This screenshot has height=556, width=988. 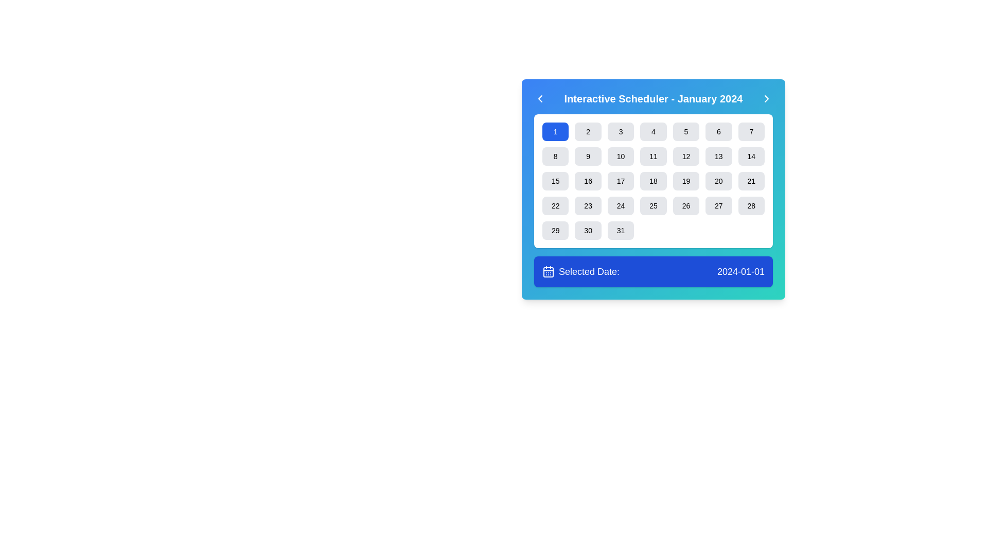 I want to click on the button displaying the number '11' in black text on a light gray rounded rectangle background, so click(x=653, y=157).